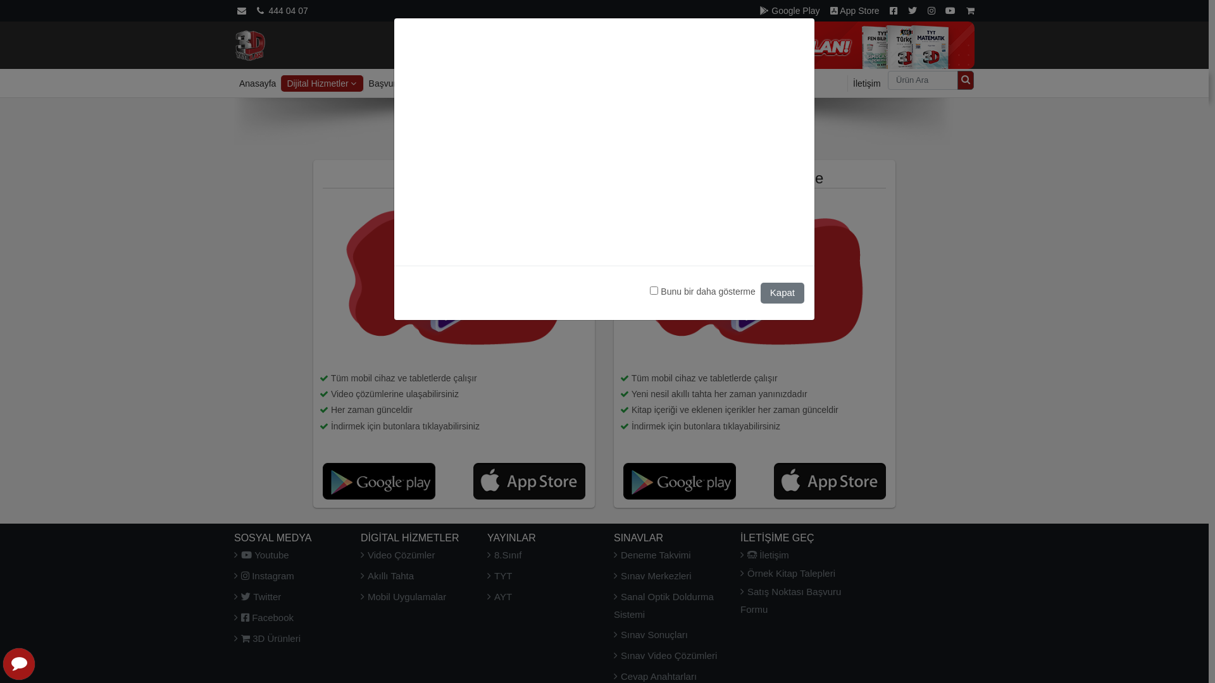 The image size is (1215, 683). What do you see at coordinates (499, 596) in the screenshot?
I see `'AYT'` at bounding box center [499, 596].